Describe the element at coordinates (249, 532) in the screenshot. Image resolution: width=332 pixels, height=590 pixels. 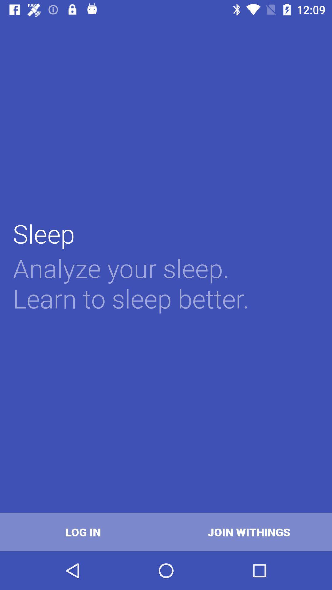
I see `join withings at the bottom right corner` at that location.